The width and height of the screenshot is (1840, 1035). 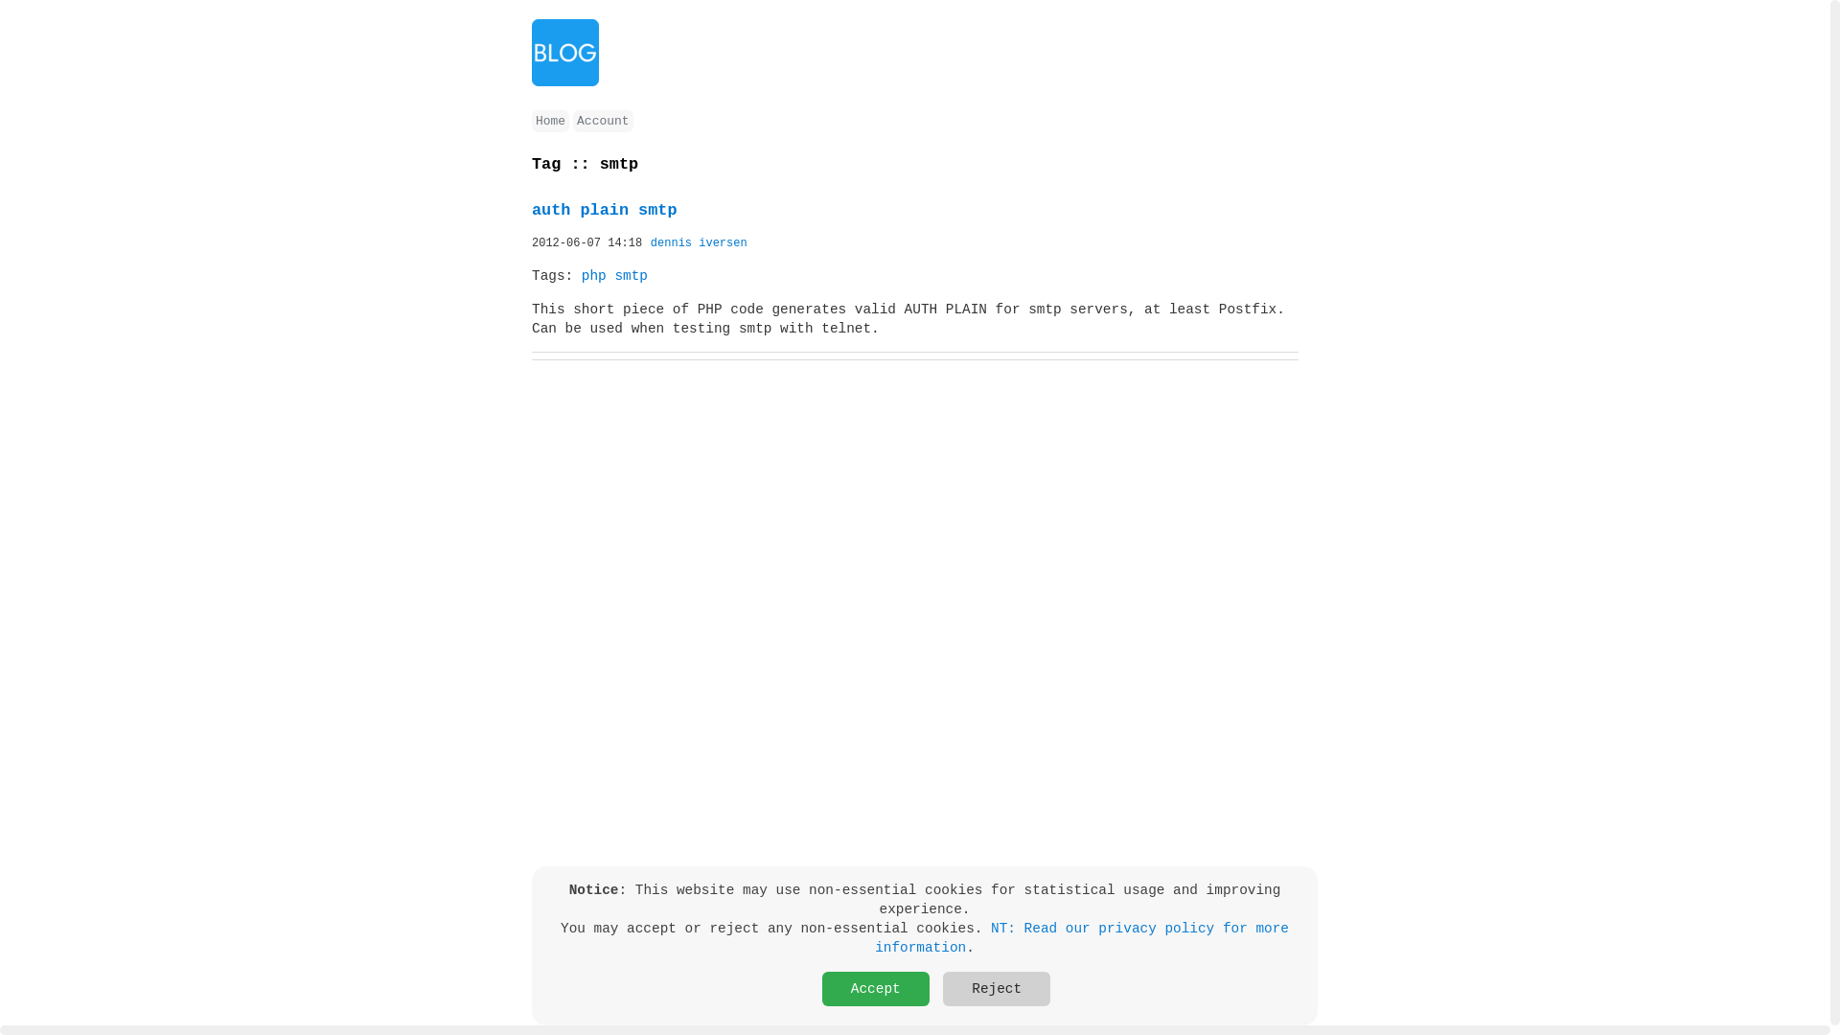 I want to click on 'Account', so click(x=601, y=121).